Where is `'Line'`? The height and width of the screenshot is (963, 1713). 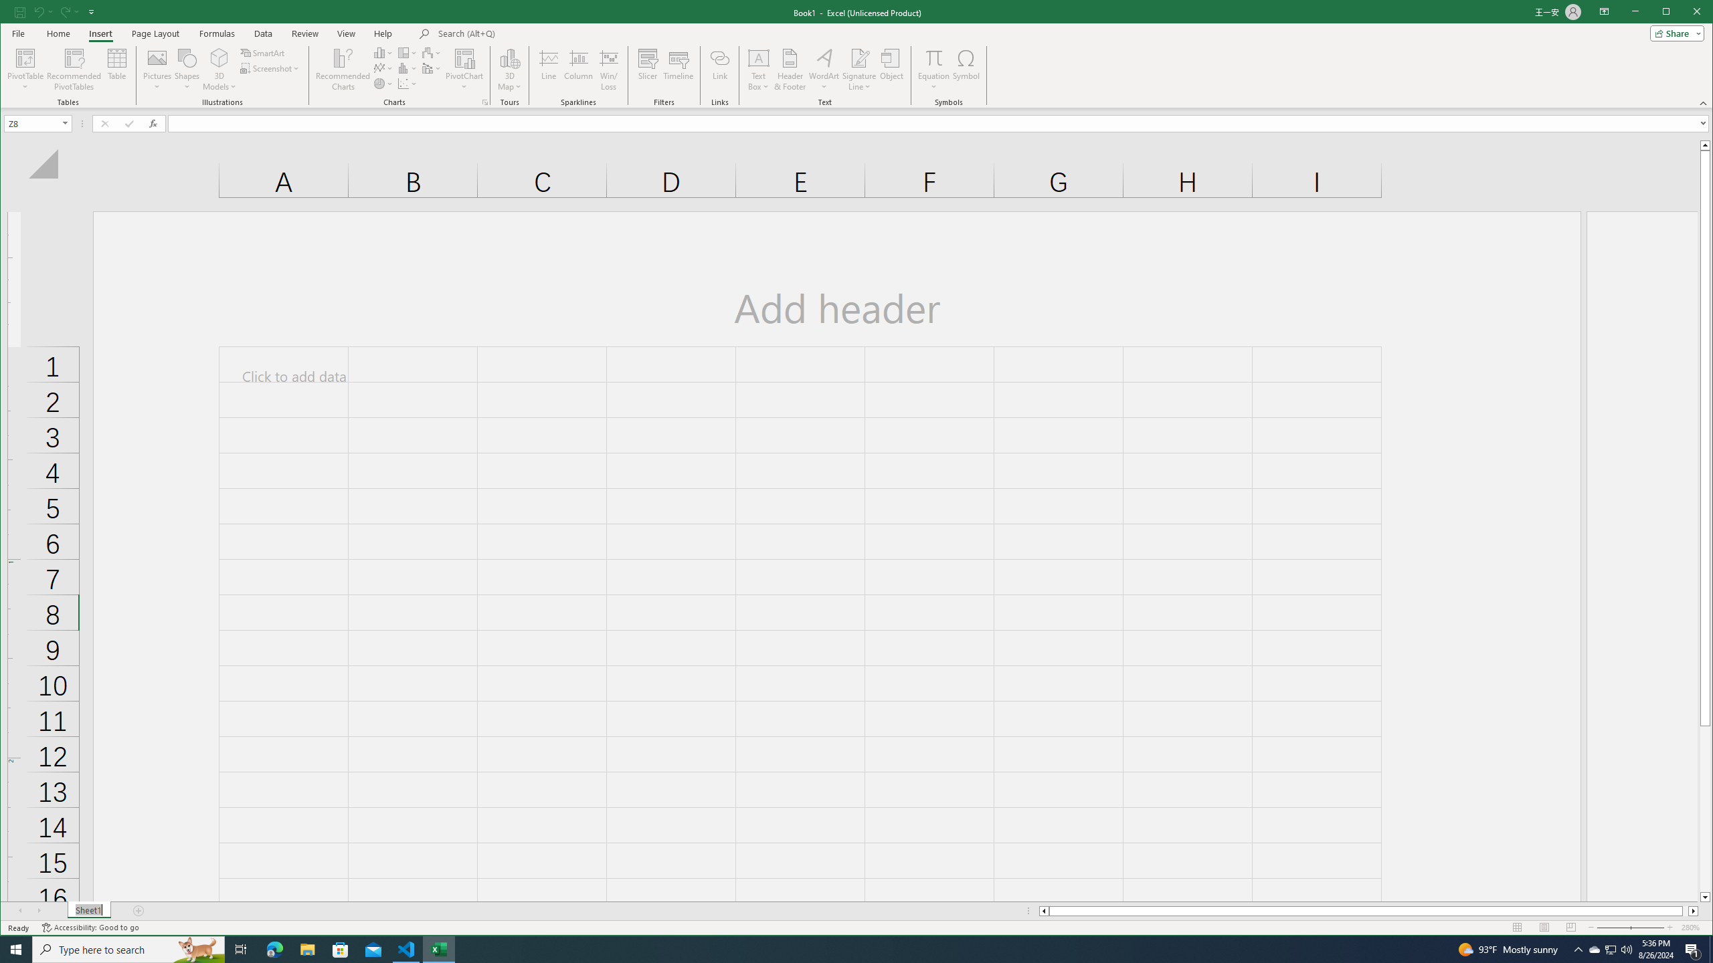
'Line' is located at coordinates (548, 69).